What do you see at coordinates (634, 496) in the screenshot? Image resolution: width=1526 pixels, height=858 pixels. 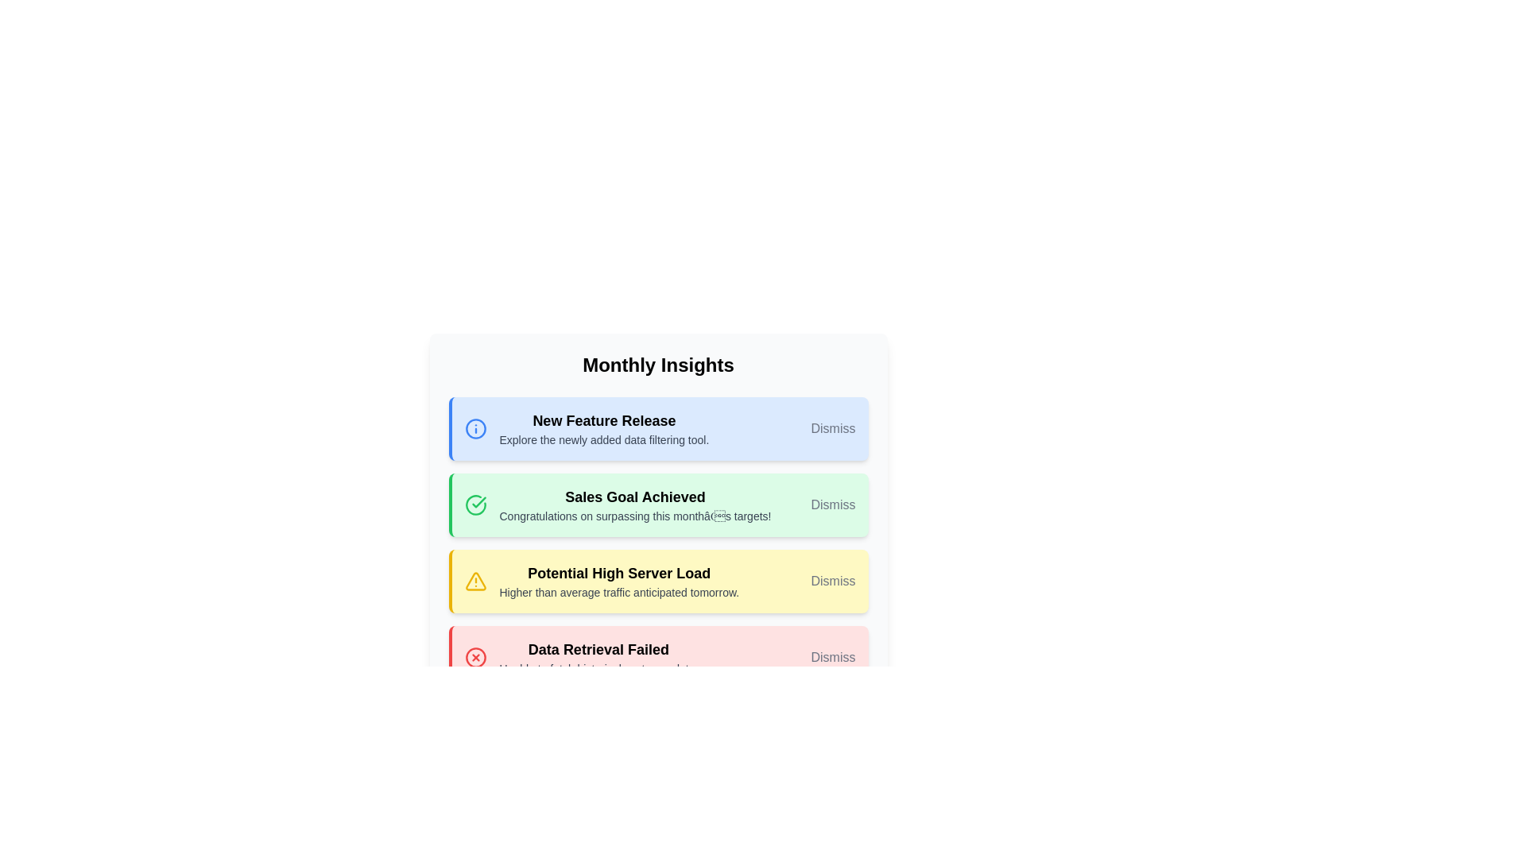 I see `text from the bold heading that states 'Sales Goal Achieved', which is prominently displayed in a green background box near the top of the notification list` at bounding box center [634, 496].